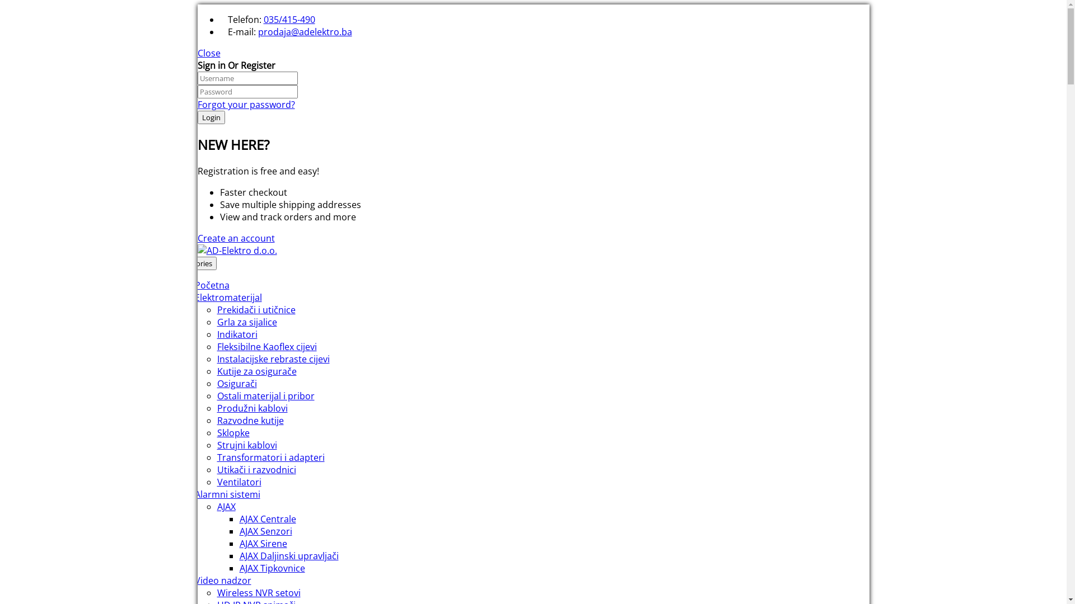 This screenshot has width=1075, height=604. What do you see at coordinates (226, 507) in the screenshot?
I see `'AJAX'` at bounding box center [226, 507].